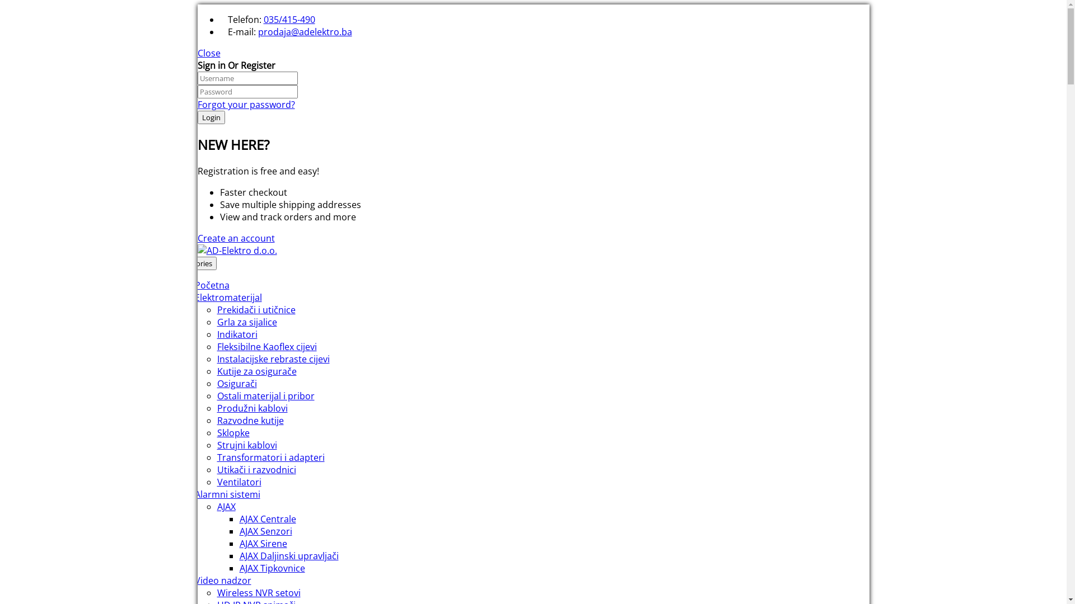 This screenshot has width=1075, height=604. What do you see at coordinates (226, 507) in the screenshot?
I see `'AJAX'` at bounding box center [226, 507].